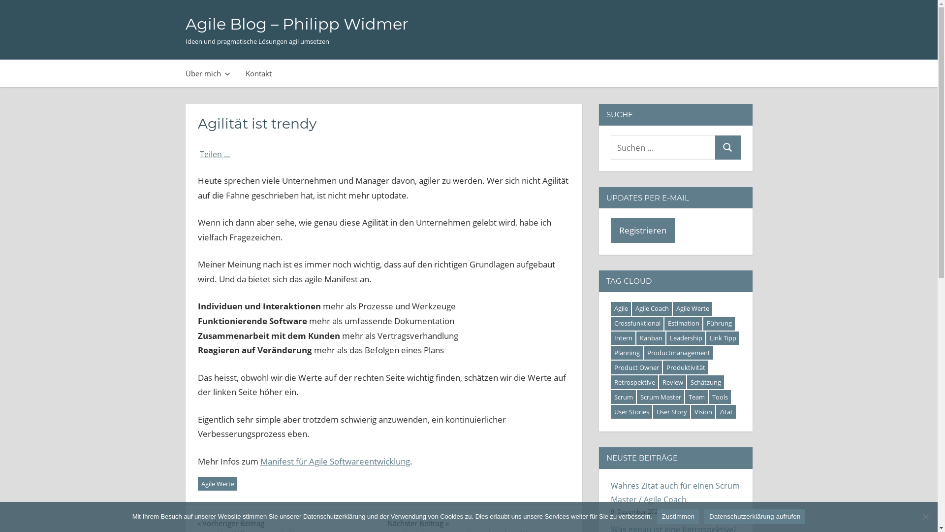 This screenshot has height=532, width=945. I want to click on 'Agile Werte', so click(692, 308).